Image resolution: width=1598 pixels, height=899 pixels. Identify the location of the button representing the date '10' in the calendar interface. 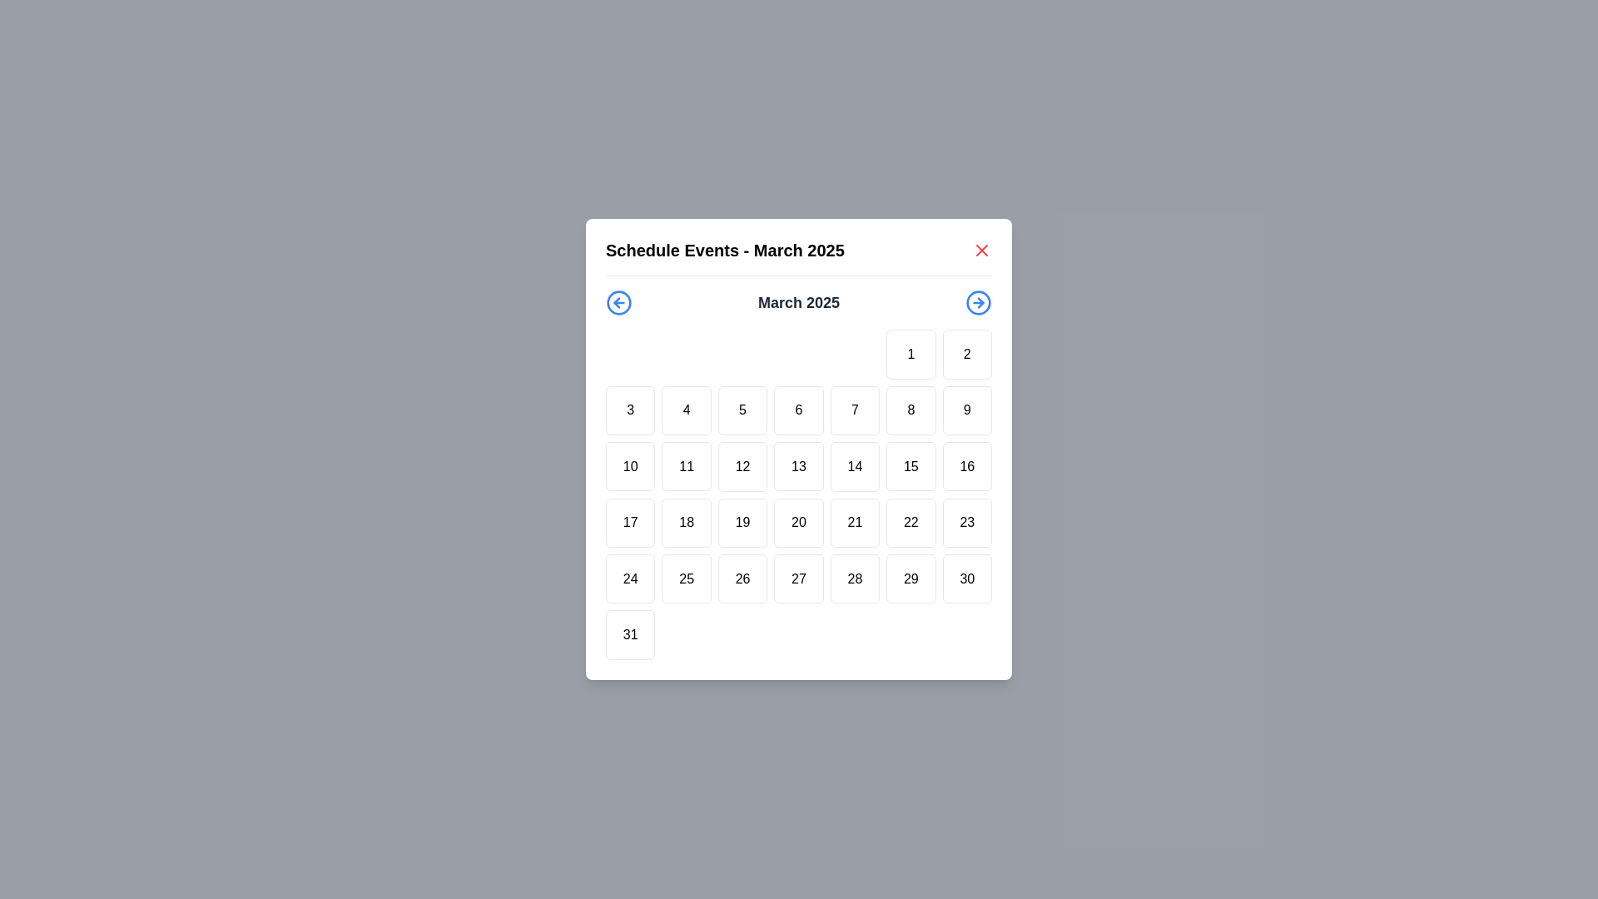
(629, 466).